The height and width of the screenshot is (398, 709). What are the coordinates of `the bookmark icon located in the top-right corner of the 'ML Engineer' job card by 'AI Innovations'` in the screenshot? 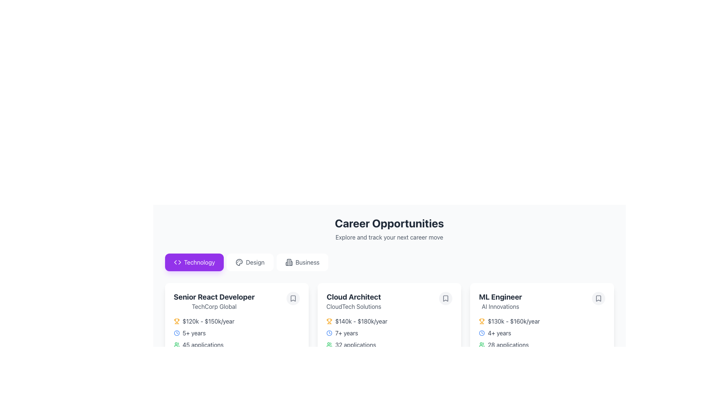 It's located at (598, 298).